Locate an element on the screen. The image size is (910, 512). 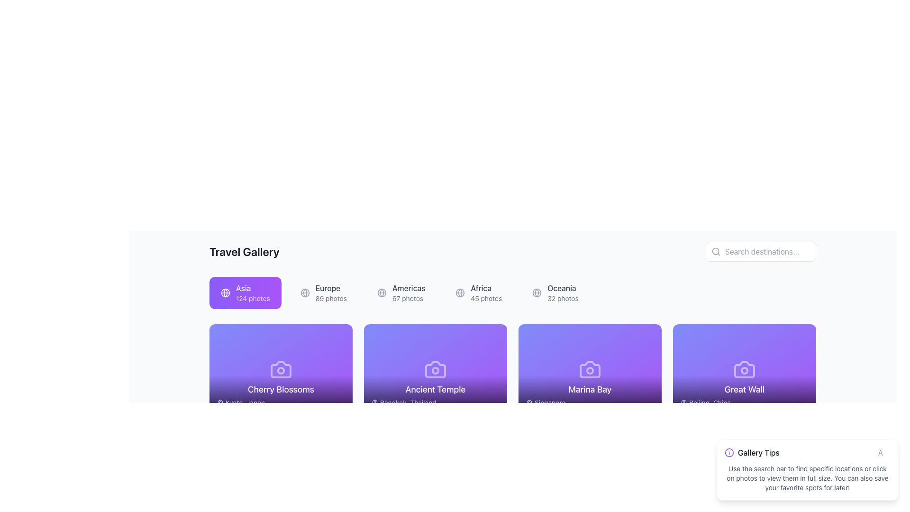
the circular button with a share symbol at its center, located in the top-right corner of the 'Great Wall' card is located at coordinates (780, 339).